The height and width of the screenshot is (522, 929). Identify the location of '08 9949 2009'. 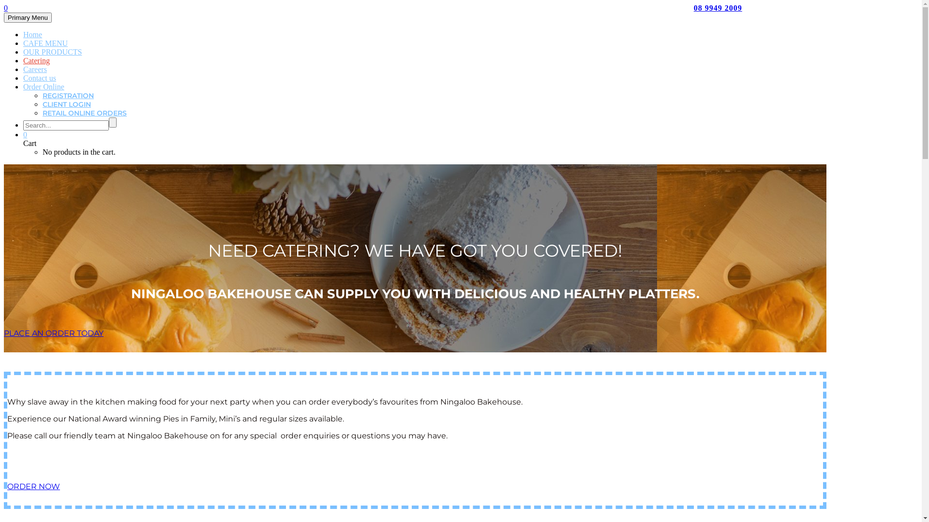
(693, 8).